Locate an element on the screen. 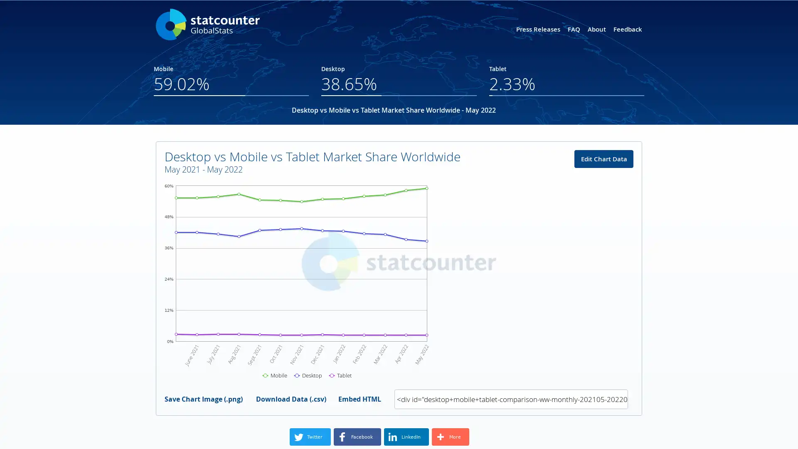  Share to LinkedIn LinkedIn is located at coordinates (404, 436).